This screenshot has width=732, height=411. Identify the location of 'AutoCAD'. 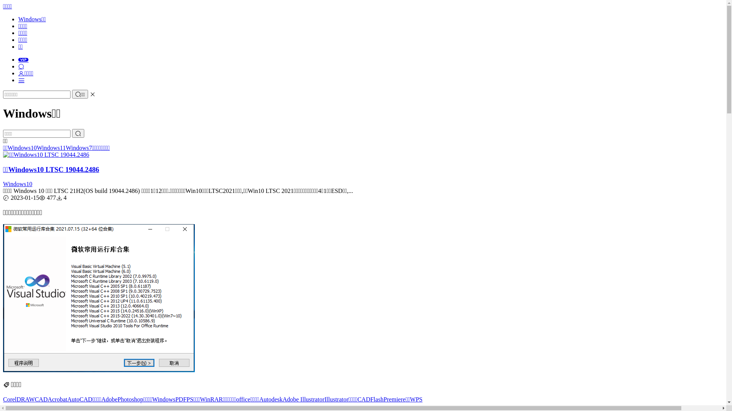
(80, 399).